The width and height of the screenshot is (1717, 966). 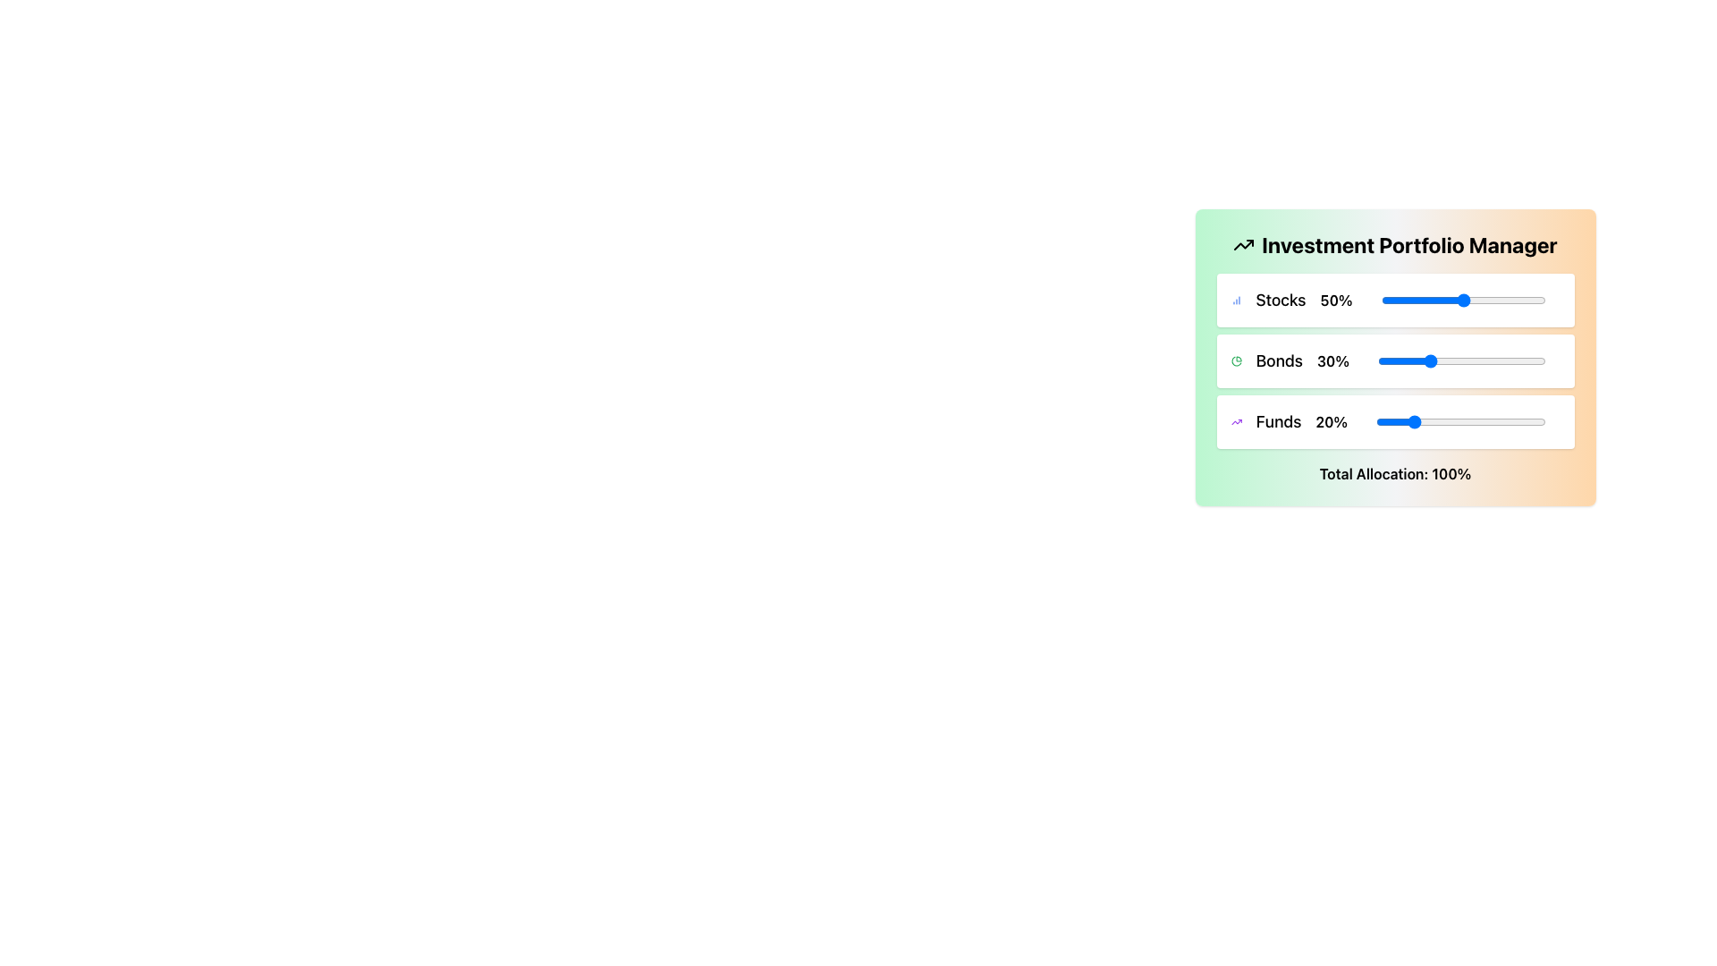 I want to click on the 'Bonds' allocation, so click(x=1524, y=361).